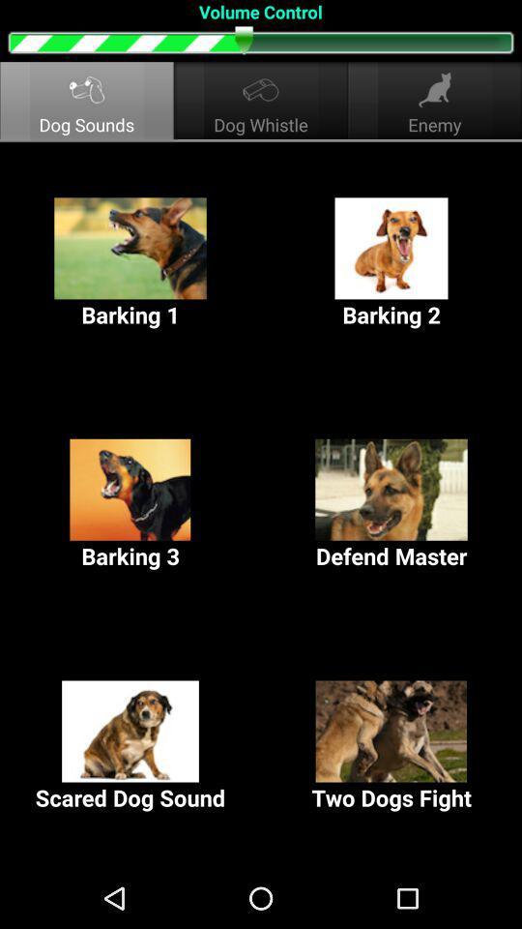 This screenshot has height=929, width=522. I want to click on the button next to scared dog sound icon, so click(391, 745).